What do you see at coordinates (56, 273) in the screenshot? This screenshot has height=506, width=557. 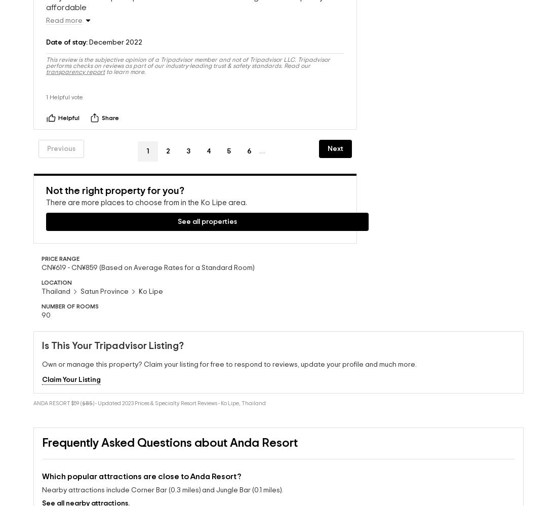 I see `'LOCATION'` at bounding box center [56, 273].